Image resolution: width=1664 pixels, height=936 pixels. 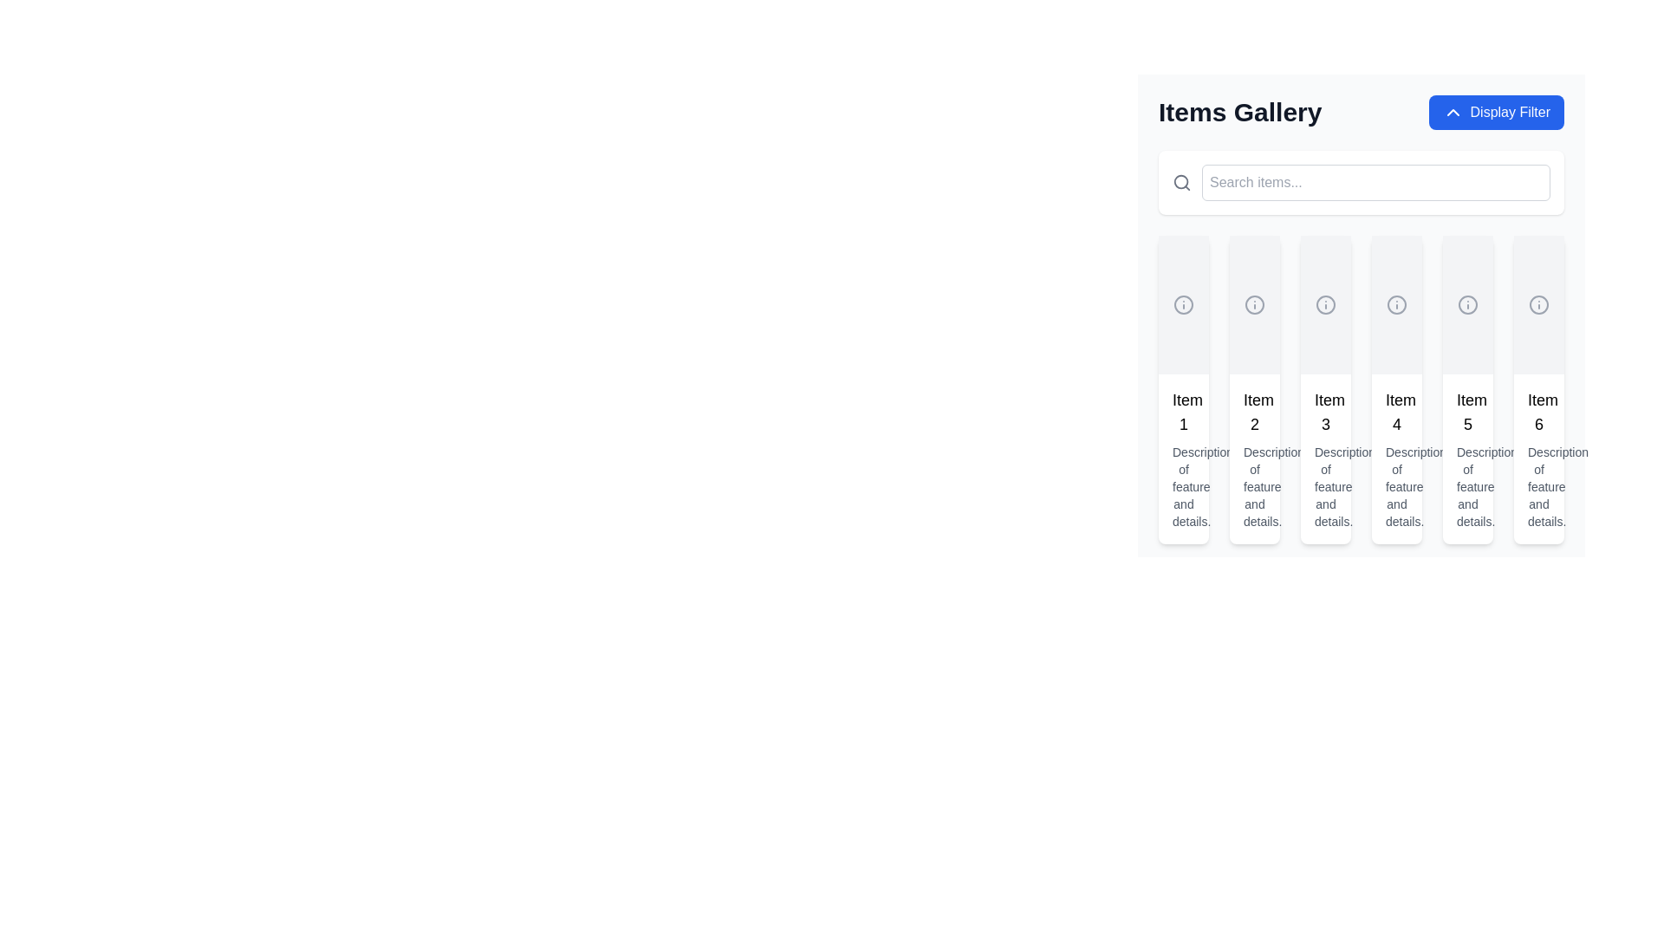 What do you see at coordinates (1397, 303) in the screenshot?
I see `the circular graphic icon located in the fourth column above the label 'Item 4', which is part of a consistent theme with similar elements` at bounding box center [1397, 303].